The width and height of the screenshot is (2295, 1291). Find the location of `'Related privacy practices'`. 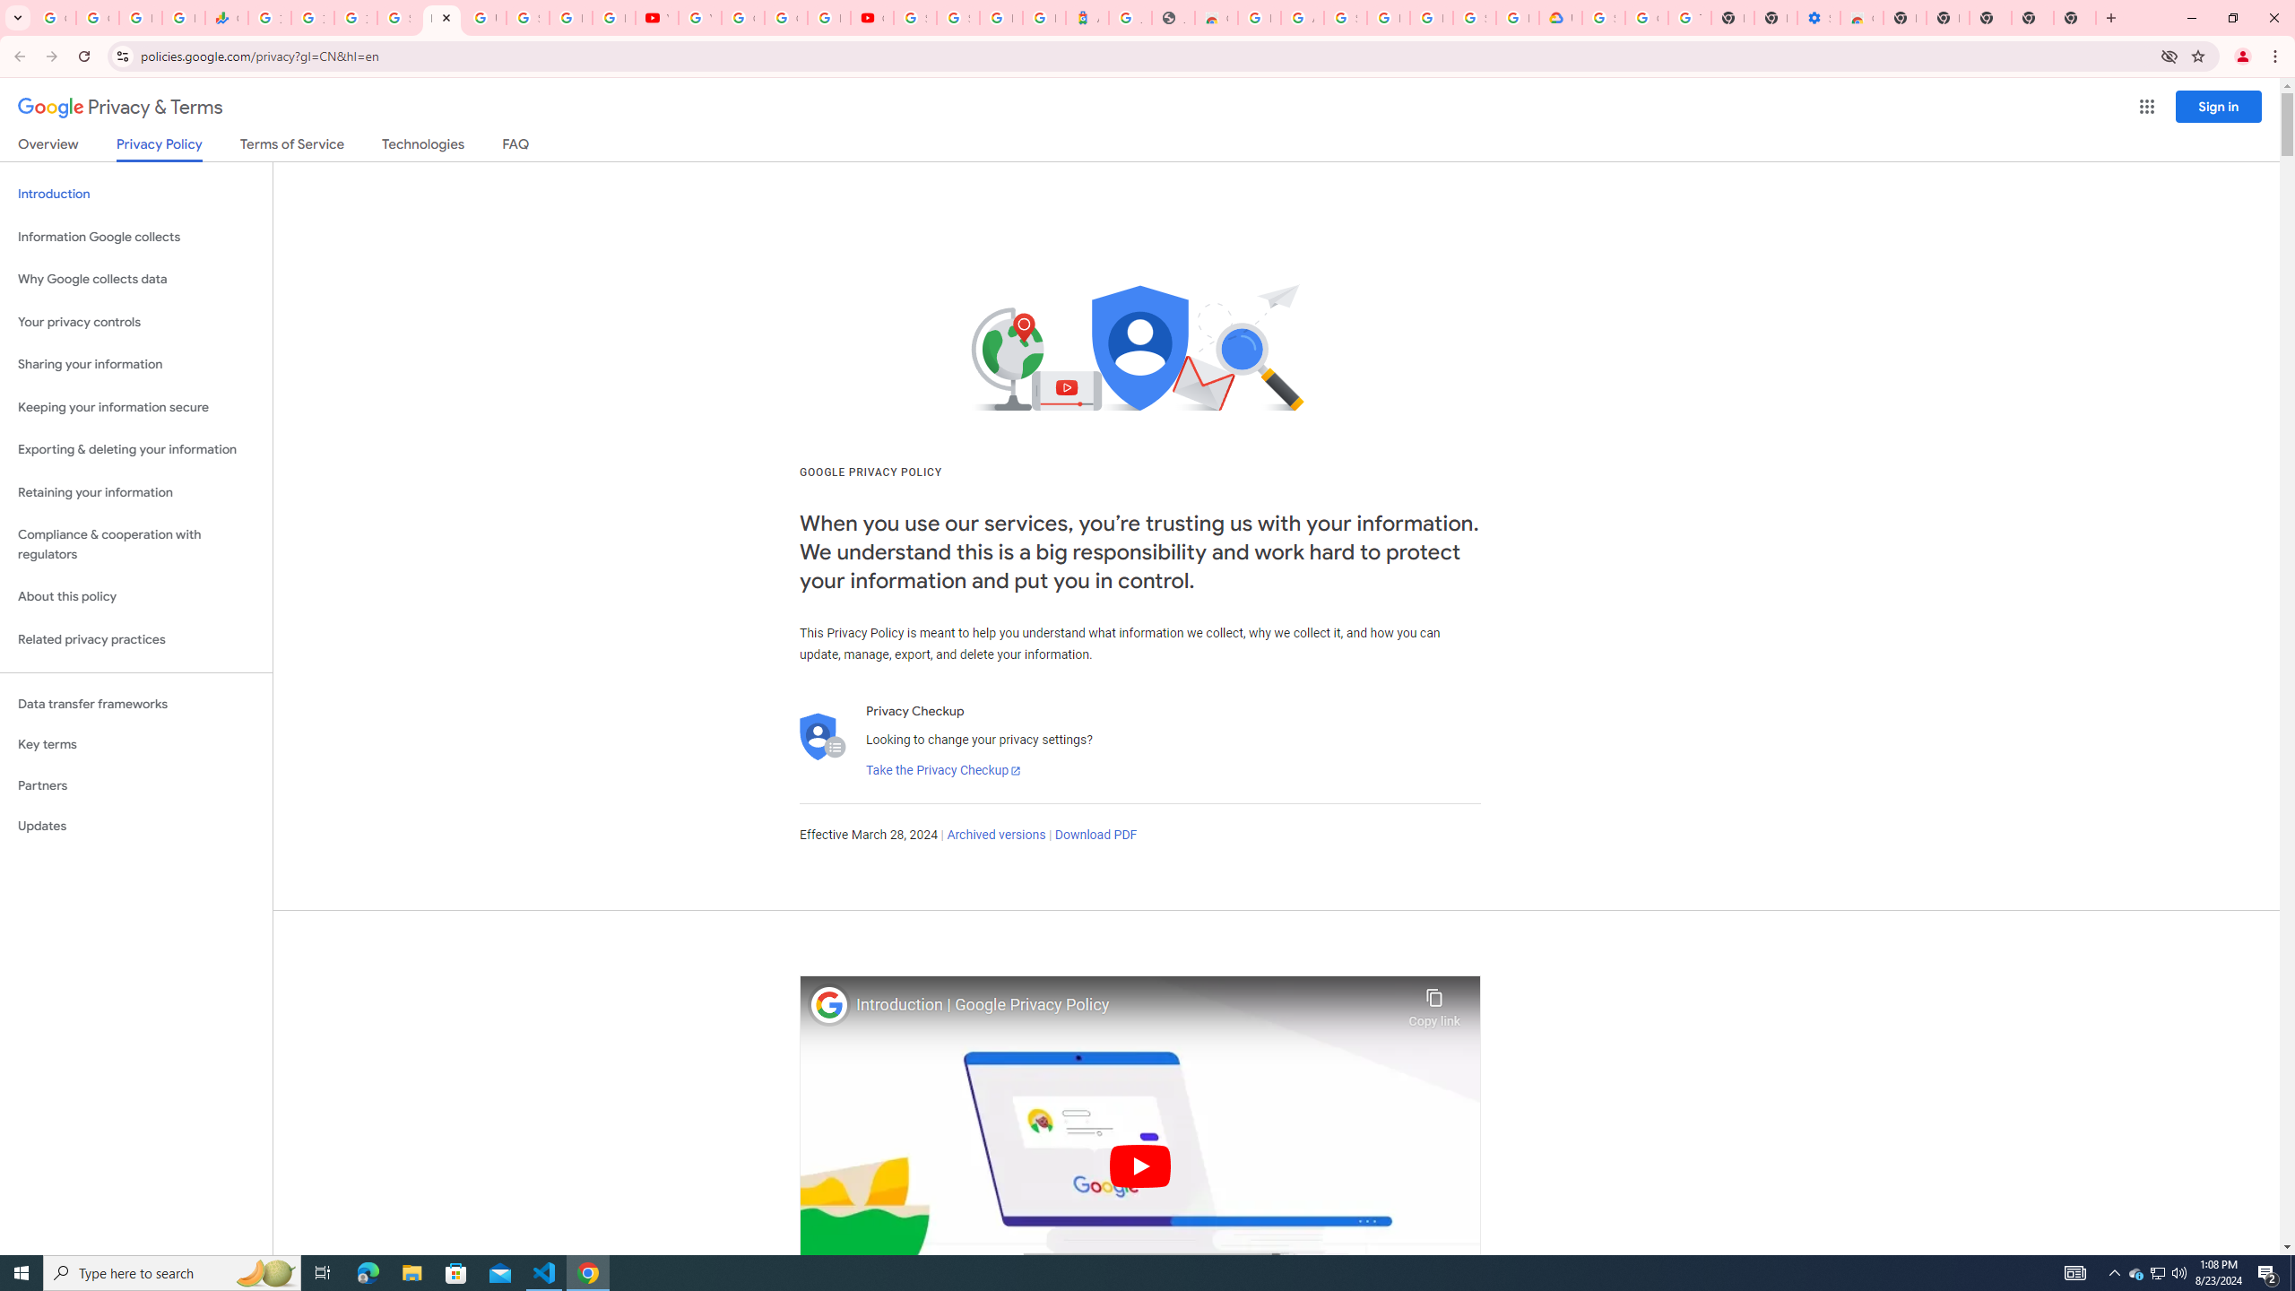

'Related privacy practices' is located at coordinates (135, 638).